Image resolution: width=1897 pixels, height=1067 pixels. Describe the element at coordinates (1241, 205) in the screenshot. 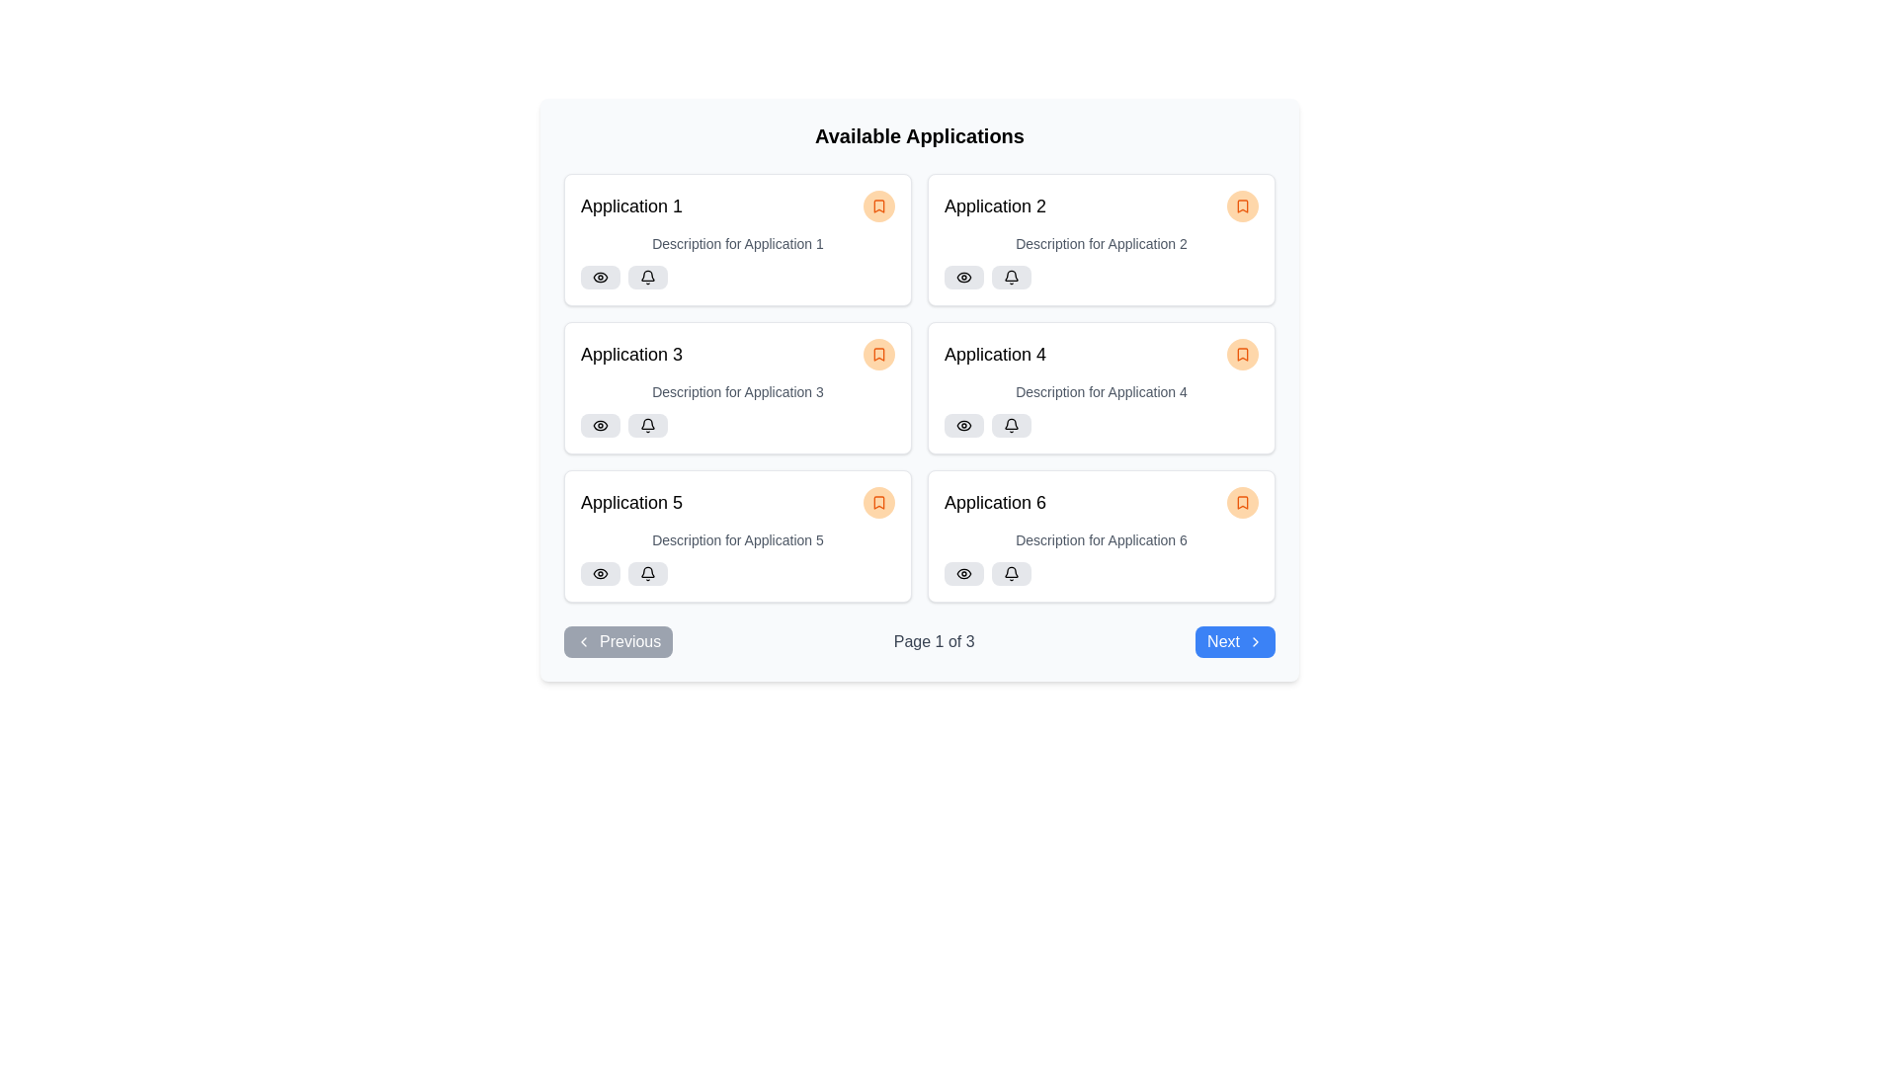

I see `the bookmark icon located at the top-right corner of the 'Application 2' card` at that location.